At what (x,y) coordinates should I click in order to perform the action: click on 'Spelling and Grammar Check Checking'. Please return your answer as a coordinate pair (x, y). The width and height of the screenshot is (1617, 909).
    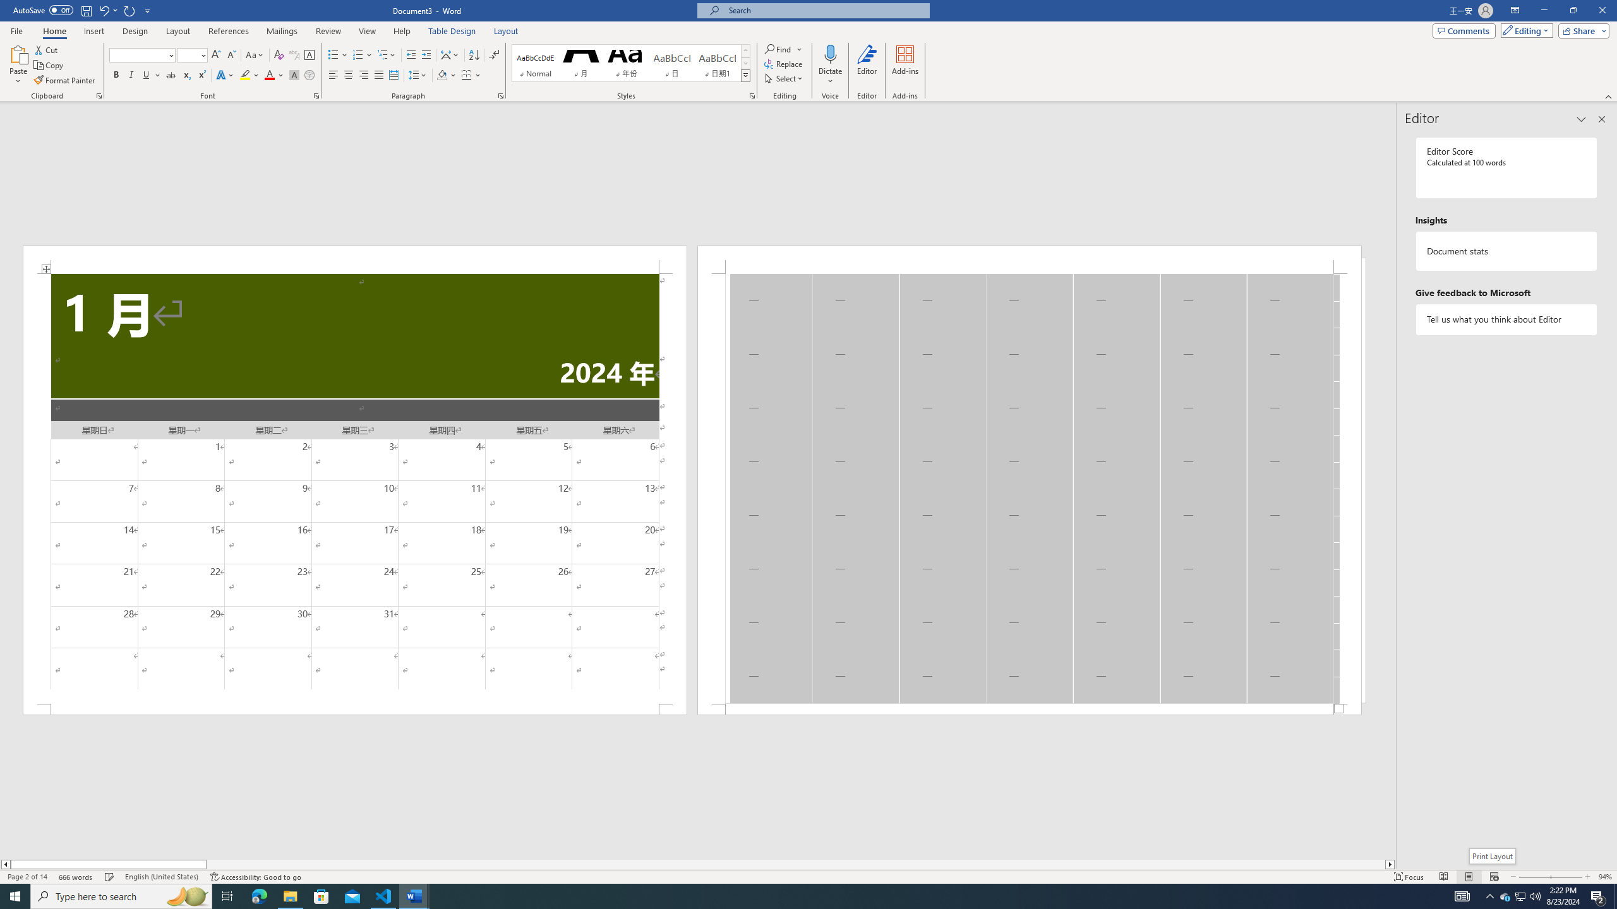
    Looking at the image, I should click on (110, 877).